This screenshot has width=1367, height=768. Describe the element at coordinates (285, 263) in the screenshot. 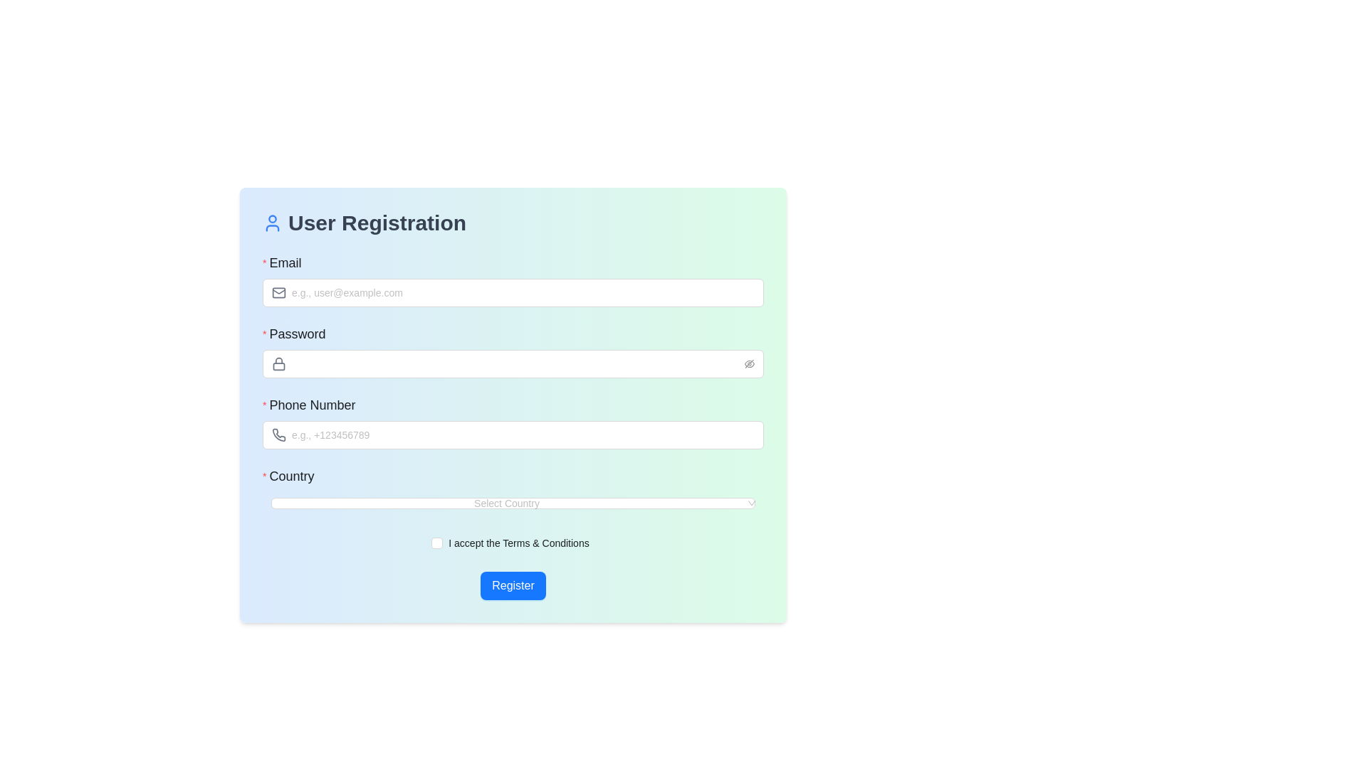

I see `the text label displaying 'Email', which is styled with a large font size and bold text, located above the email input field in the User Registration form` at that location.